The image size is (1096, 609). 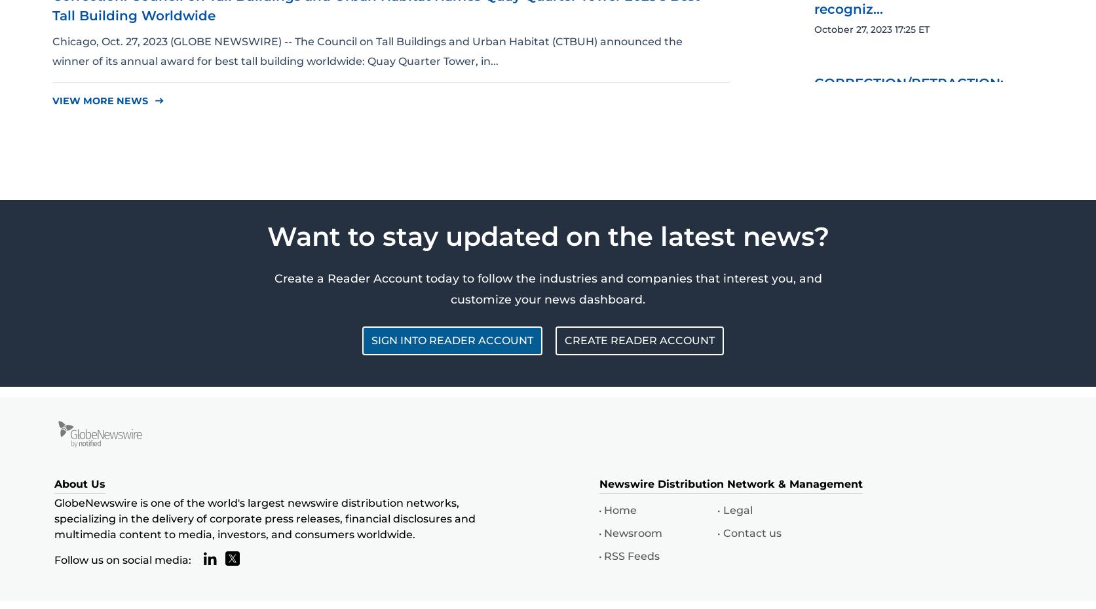 I want to click on 'GlobeNewswire is one of the world's largest newswire distribution networks, specializing in the delivery of corporate press releases, financial disclosures and multimedia content to media, investors, and consumers worldwide.', so click(x=264, y=517).